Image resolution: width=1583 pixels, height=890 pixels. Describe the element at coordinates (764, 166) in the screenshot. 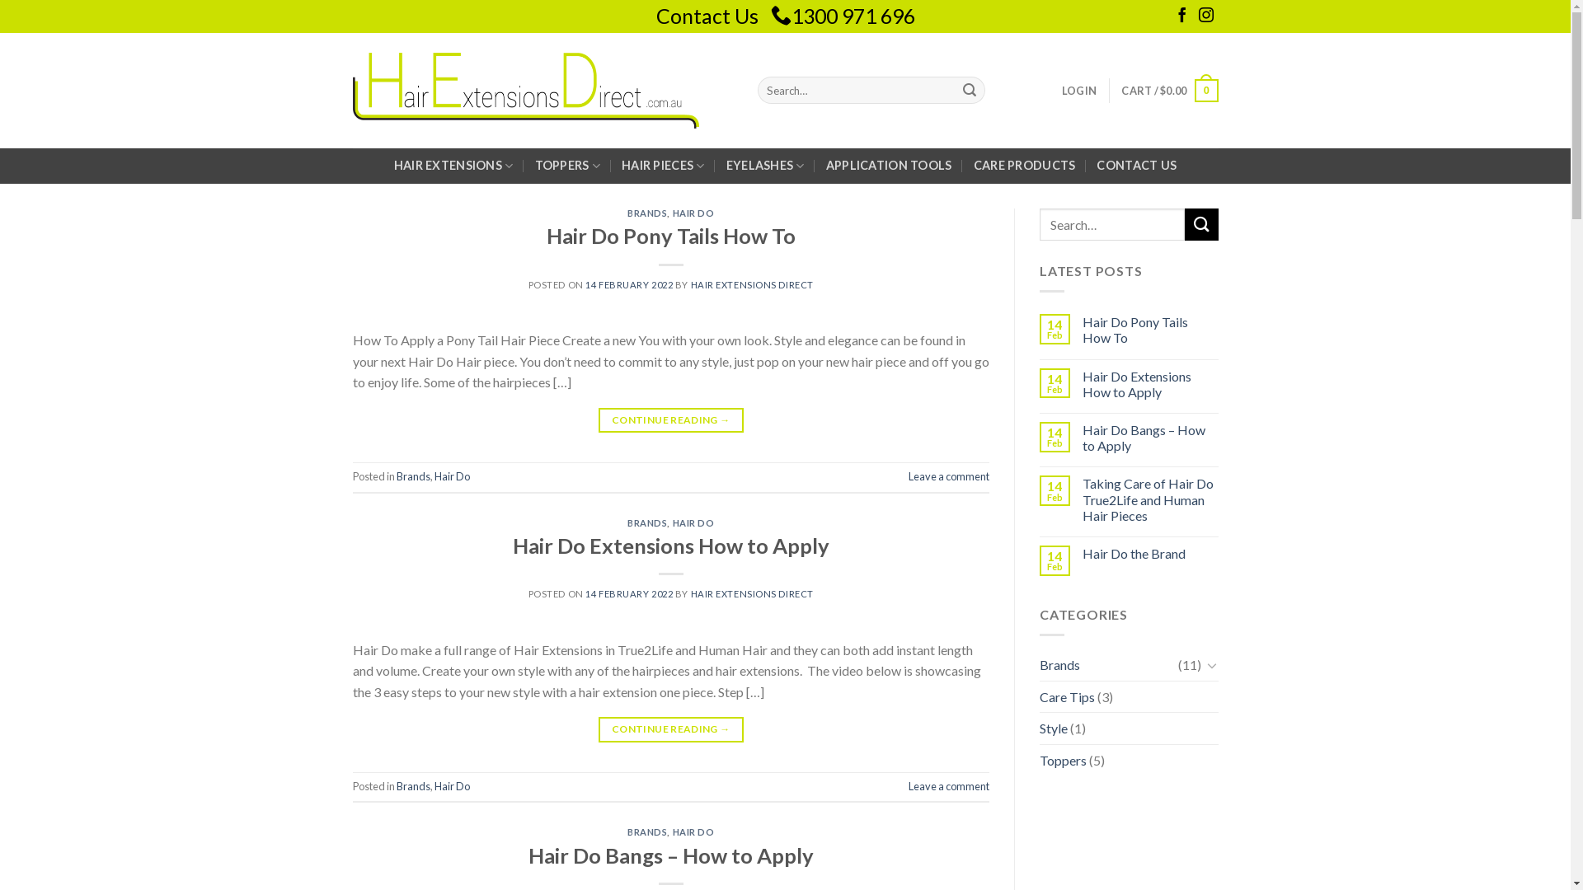

I see `'EYELASHES'` at that location.